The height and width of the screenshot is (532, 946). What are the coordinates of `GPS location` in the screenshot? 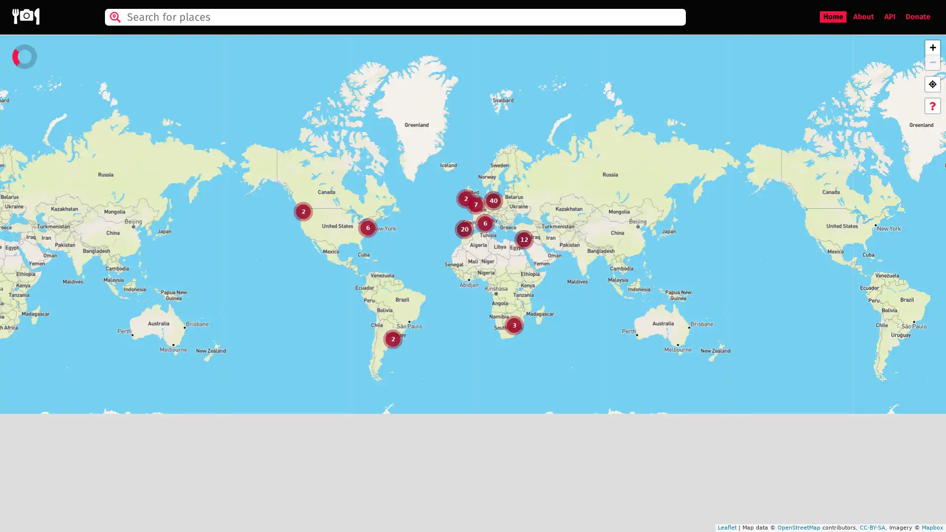 It's located at (932, 83).